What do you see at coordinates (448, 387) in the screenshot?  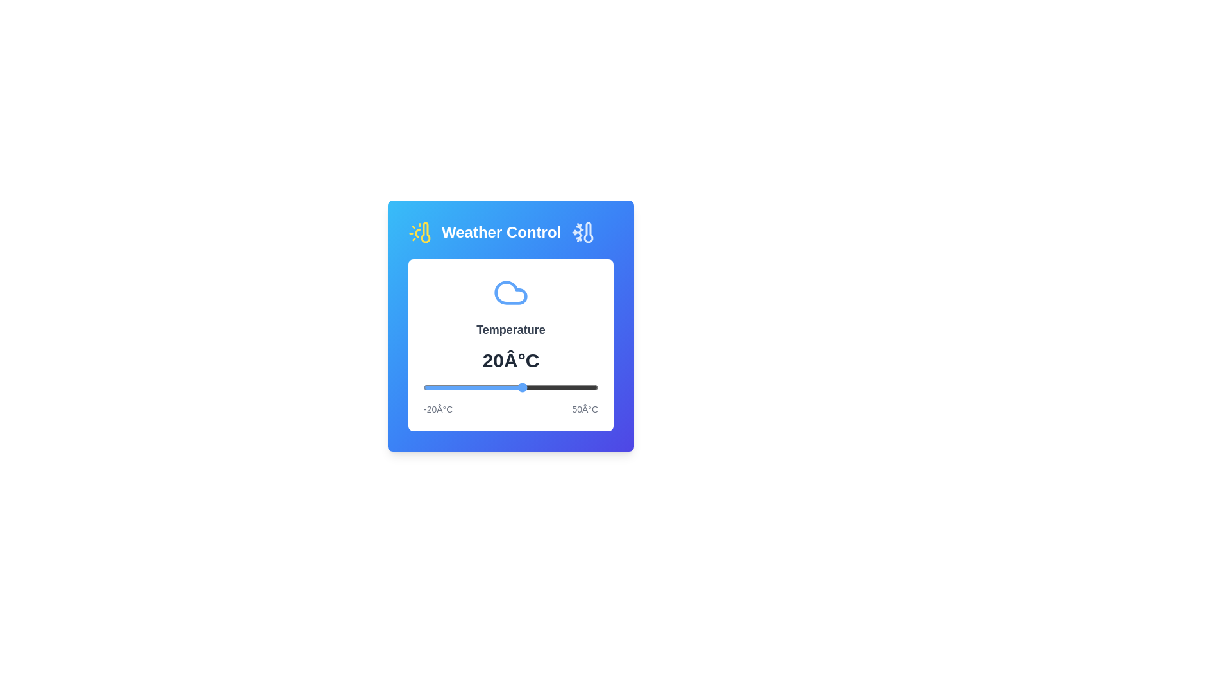 I see `the temperature slider to set the temperature to -10°C` at bounding box center [448, 387].